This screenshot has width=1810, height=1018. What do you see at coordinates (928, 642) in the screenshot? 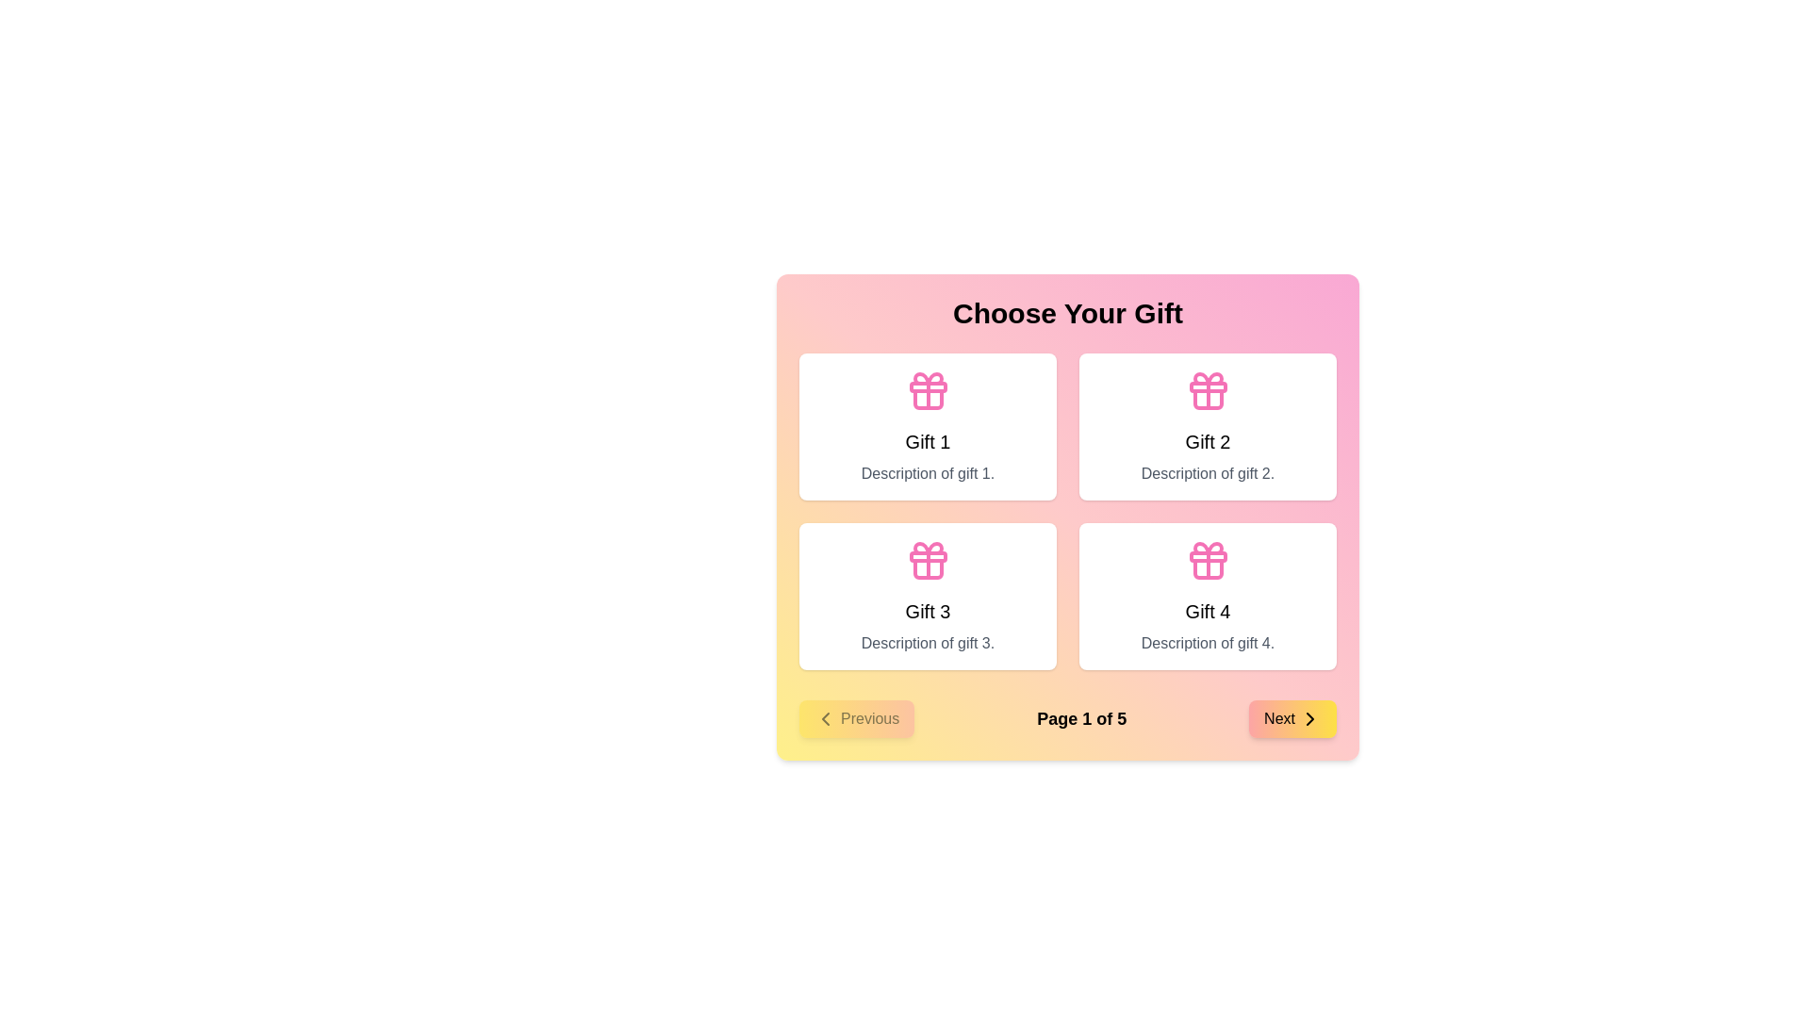
I see `the text block displaying 'Description of gift 3.' located at the bottom of the card labeled 'Gift 3.' within the 'Choose Your Gift' section` at bounding box center [928, 642].